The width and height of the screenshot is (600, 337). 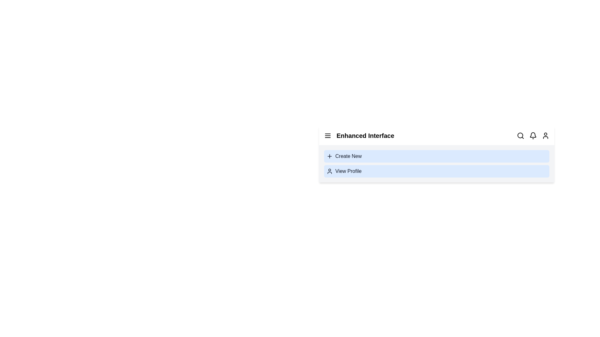 What do you see at coordinates (520, 135) in the screenshot?
I see `the interactive element specified by search_icon` at bounding box center [520, 135].